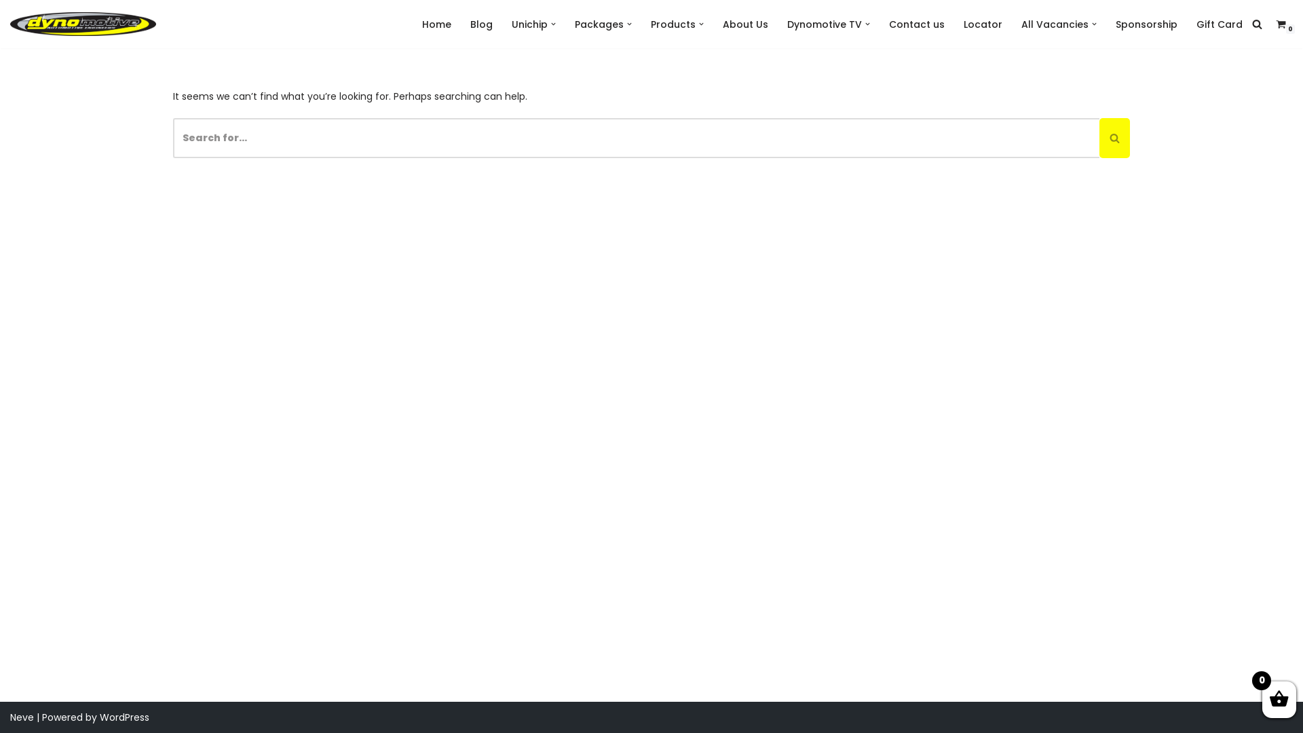 The image size is (1303, 733). Describe the element at coordinates (889, 24) in the screenshot. I see `'Contact us'` at that location.